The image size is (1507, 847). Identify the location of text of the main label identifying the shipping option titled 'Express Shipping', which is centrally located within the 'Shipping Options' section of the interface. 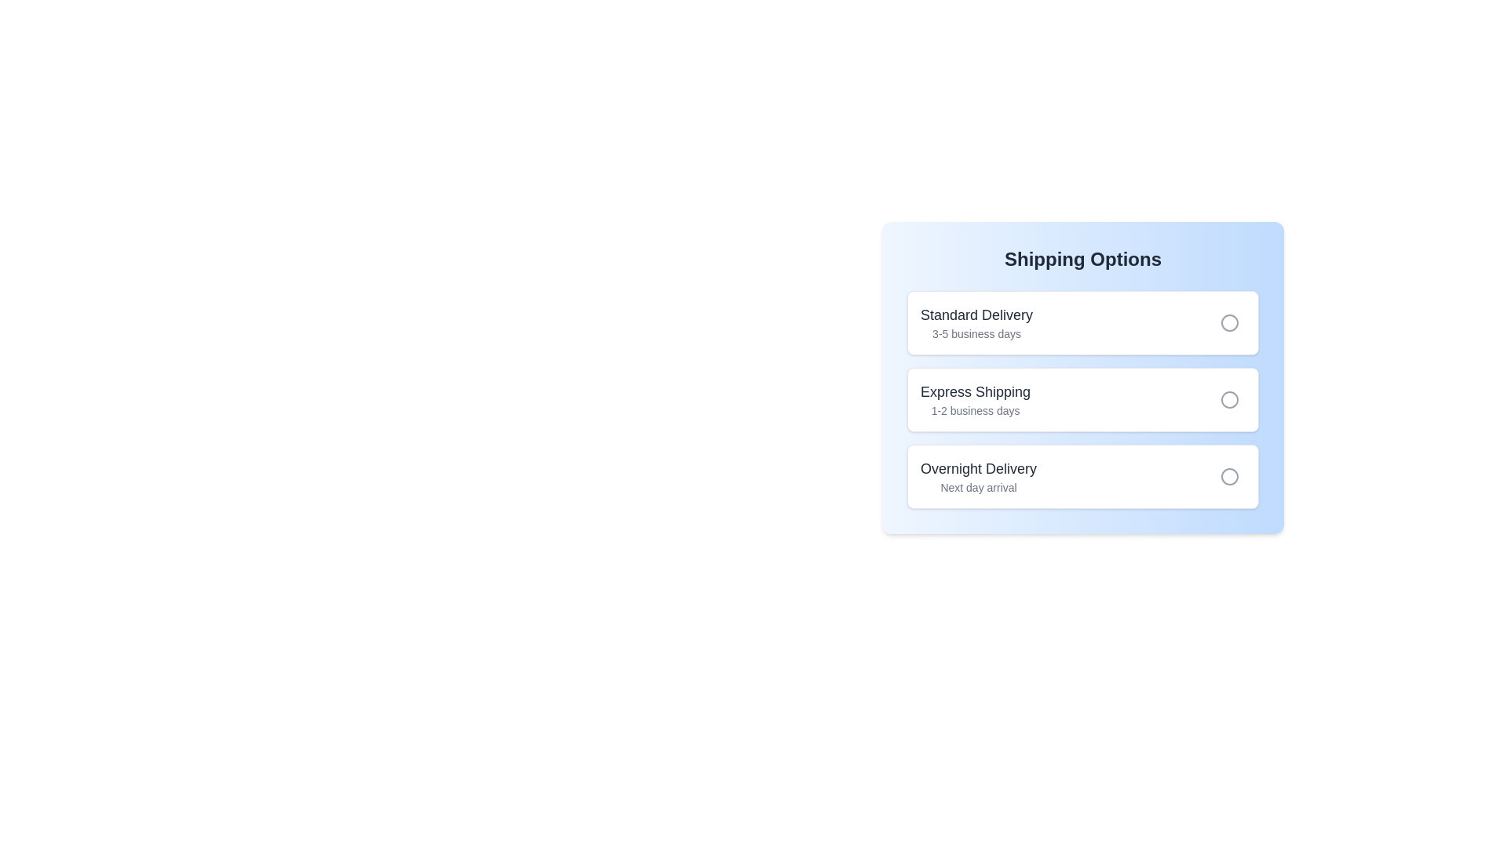
(975, 391).